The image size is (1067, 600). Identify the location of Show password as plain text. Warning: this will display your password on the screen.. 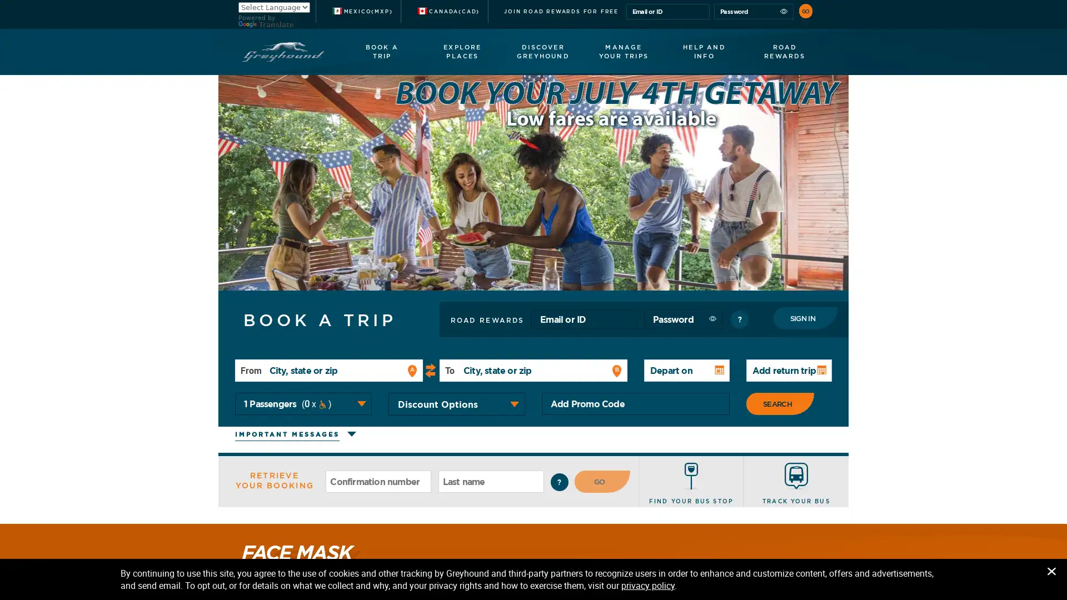
(712, 319).